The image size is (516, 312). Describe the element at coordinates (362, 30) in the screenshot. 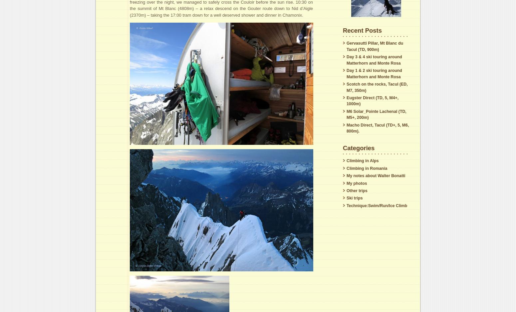

I see `'Recent Posts'` at that location.